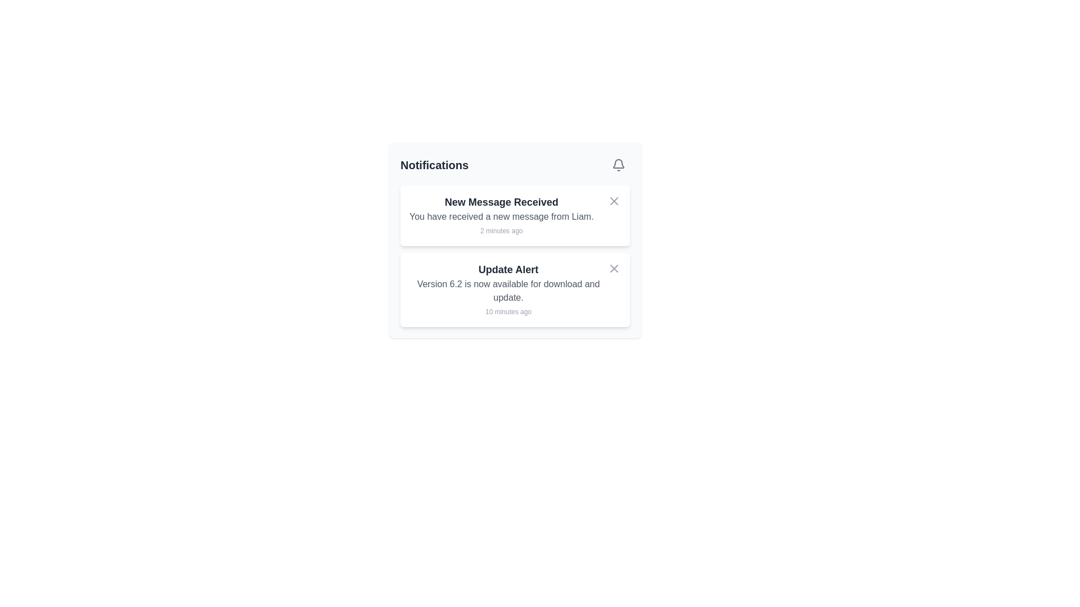  What do you see at coordinates (618, 165) in the screenshot?
I see `the bell icon located in the top-right corner of the notification modal` at bounding box center [618, 165].